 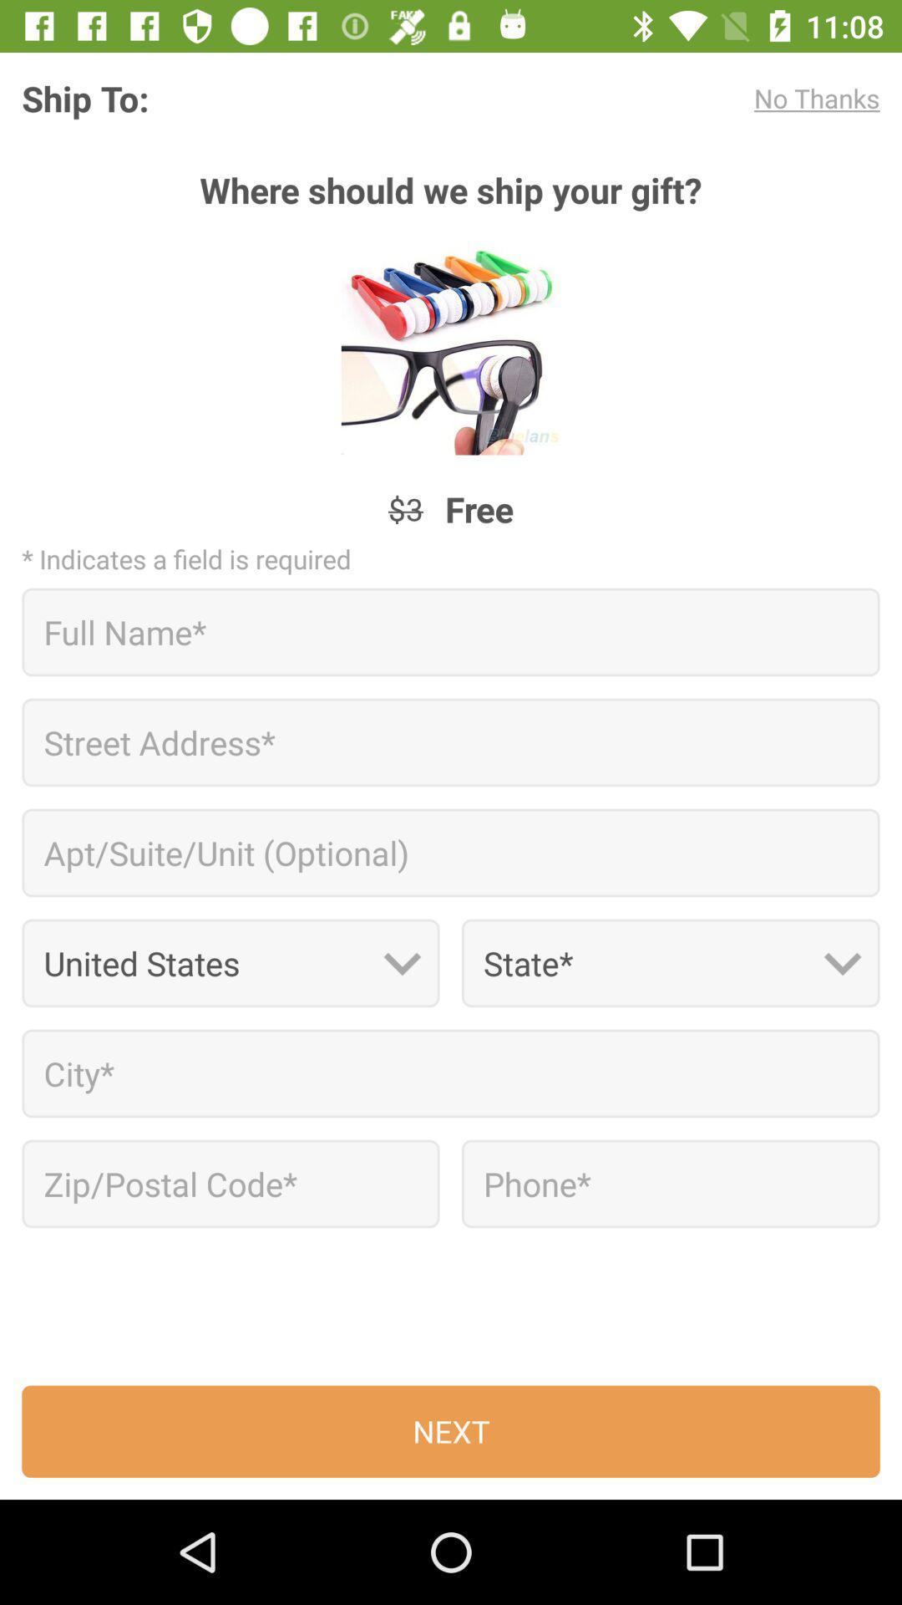 I want to click on insert street address, so click(x=451, y=741).